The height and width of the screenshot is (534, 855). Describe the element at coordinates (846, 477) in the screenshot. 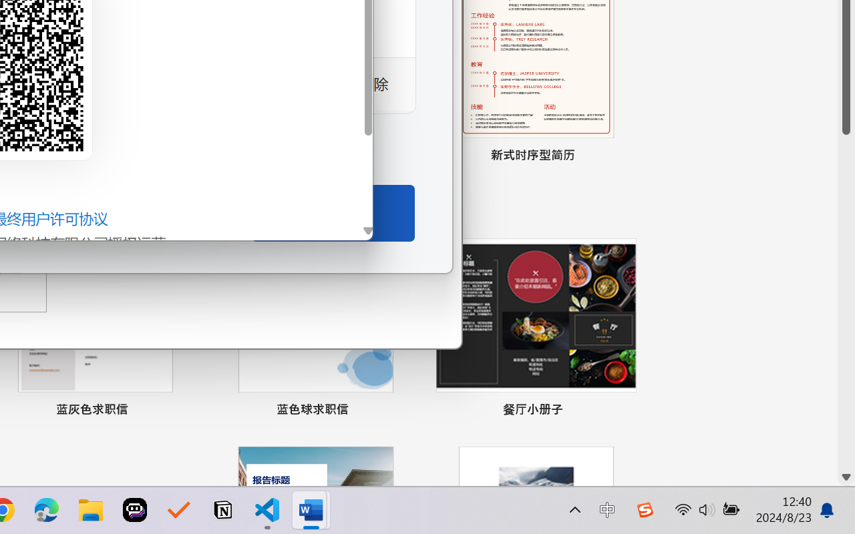

I see `'Line down'` at that location.